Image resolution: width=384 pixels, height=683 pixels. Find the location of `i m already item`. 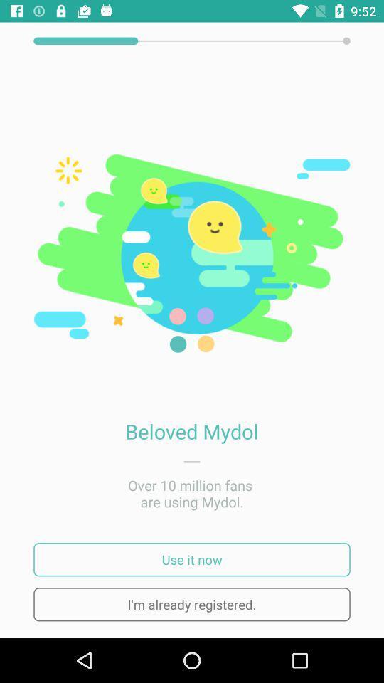

i m already item is located at coordinates (192, 603).